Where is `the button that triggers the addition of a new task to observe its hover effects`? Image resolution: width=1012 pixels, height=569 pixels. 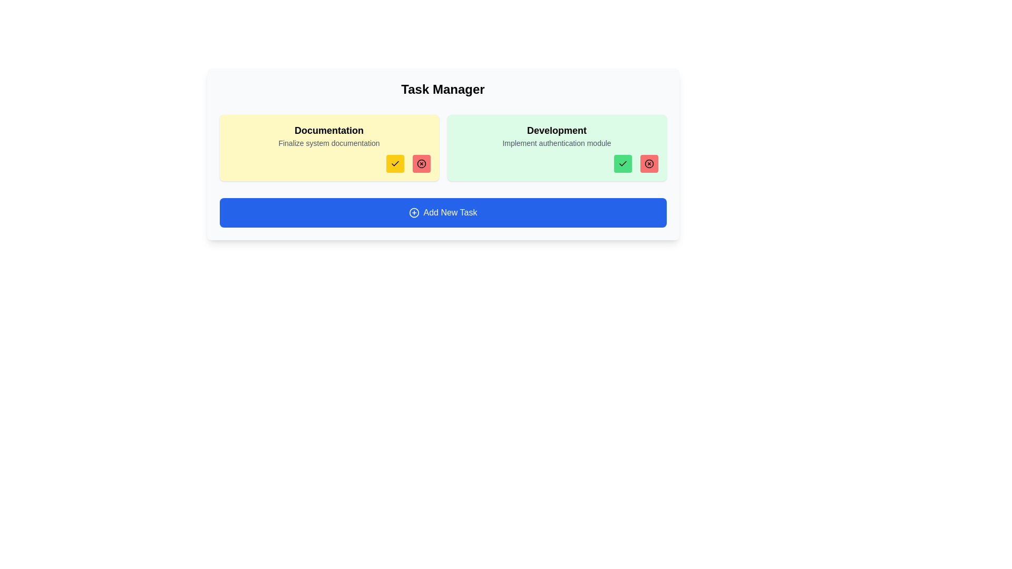
the button that triggers the addition of a new task to observe its hover effects is located at coordinates (443, 213).